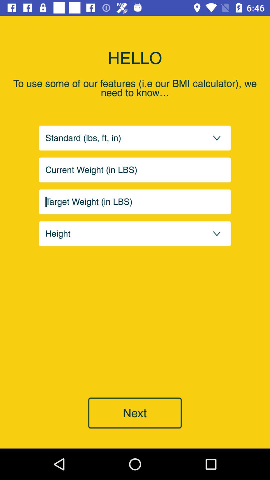 The image size is (270, 480). What do you see at coordinates (135, 170) in the screenshot?
I see `lbs` at bounding box center [135, 170].